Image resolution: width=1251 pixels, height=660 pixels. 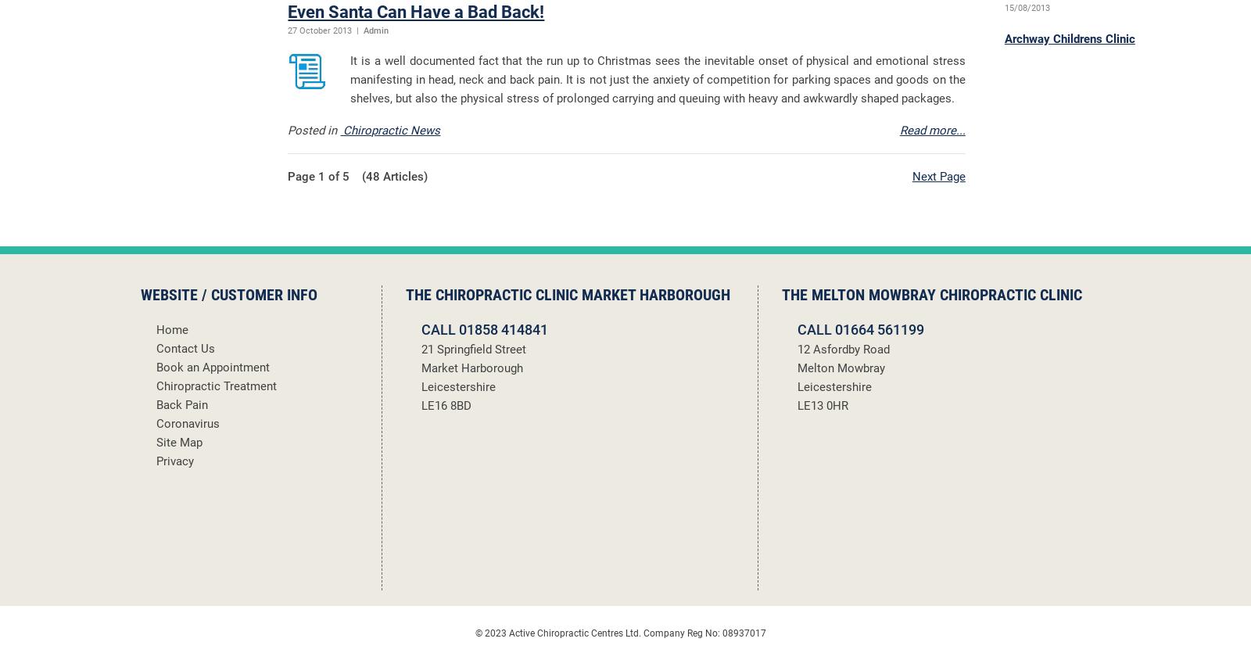 What do you see at coordinates (938, 175) in the screenshot?
I see `'Next Page'` at bounding box center [938, 175].